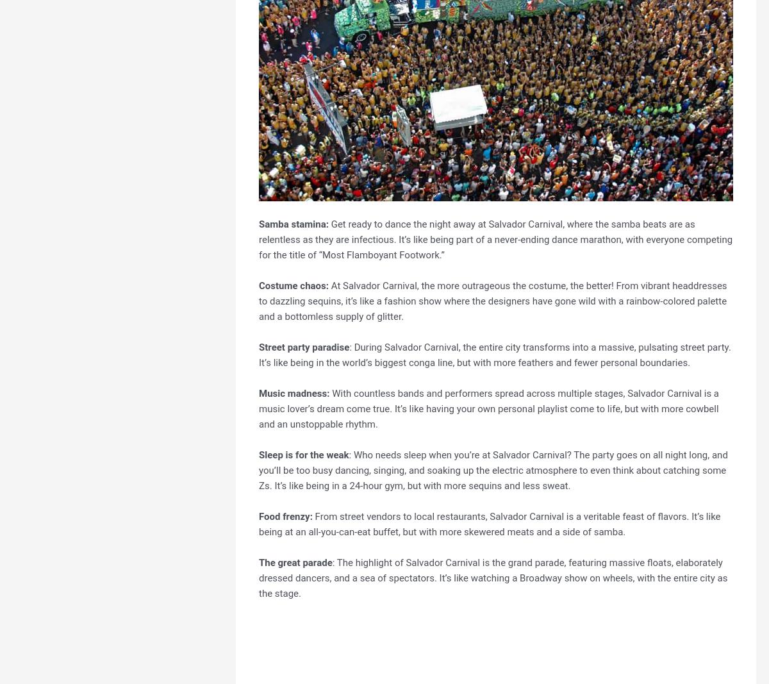 This screenshot has width=769, height=684. I want to click on 'The great parade', so click(259, 561).